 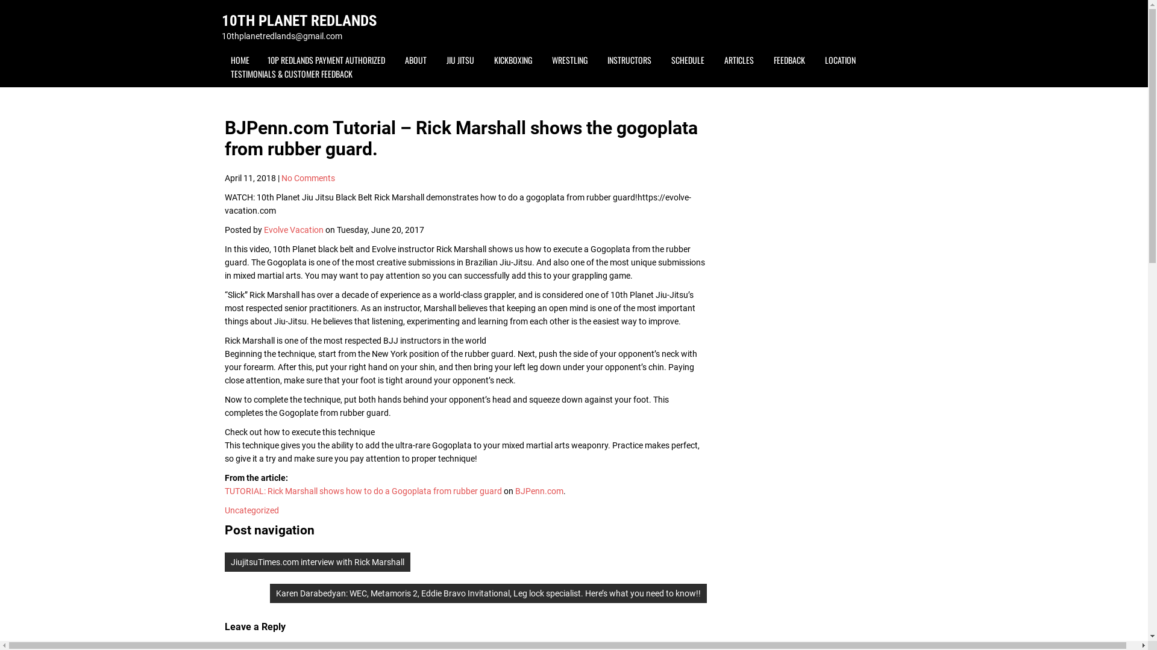 I want to click on 'SCHEDULE', so click(x=687, y=60).